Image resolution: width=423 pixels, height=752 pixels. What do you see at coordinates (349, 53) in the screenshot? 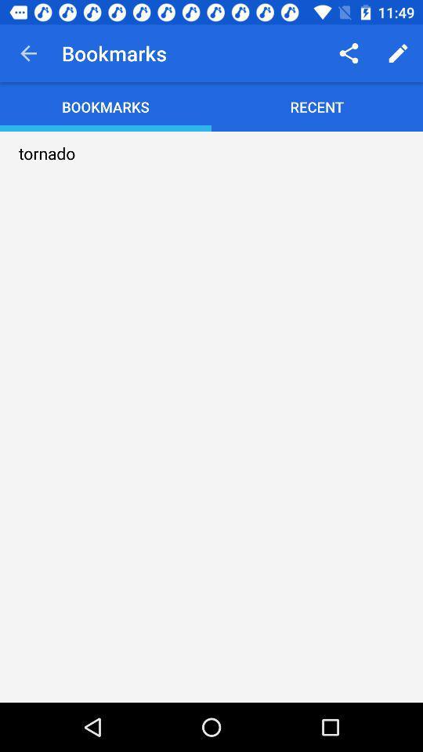
I see `the item above recent` at bounding box center [349, 53].